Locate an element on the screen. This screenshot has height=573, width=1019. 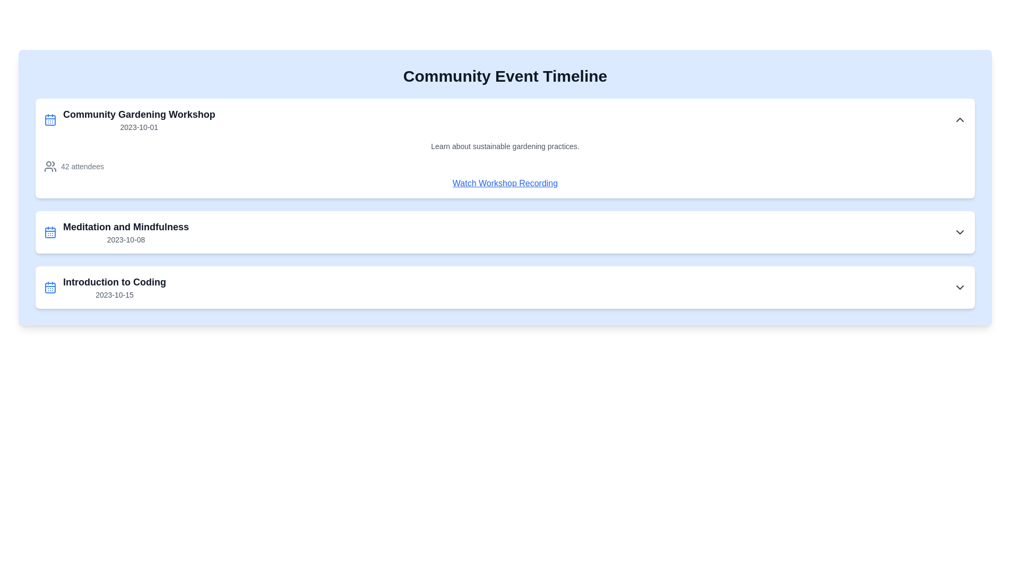
text content from the text block containing the title 'Introduction to Coding' and the subtitle '2023-10-15', which is located in the third entry of the event cards under 'Community Event Timeline' is located at coordinates (115, 288).